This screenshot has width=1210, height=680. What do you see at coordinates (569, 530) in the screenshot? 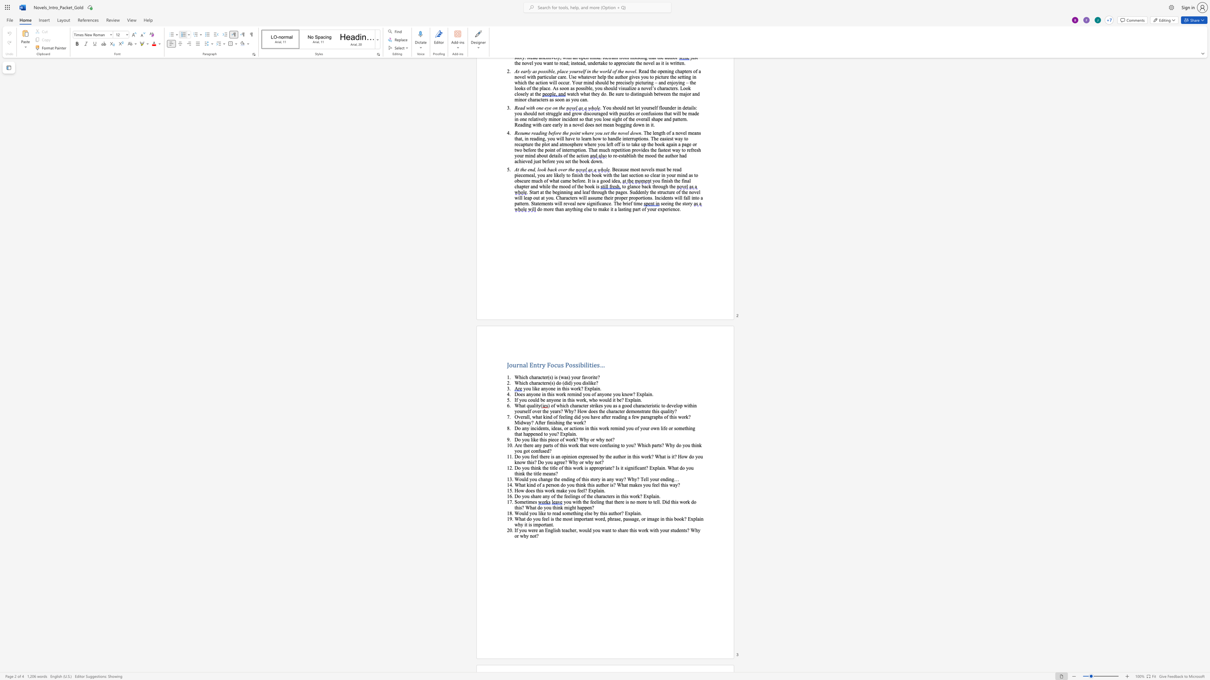
I see `the space between the continuous character "c" and "h" in the text` at bounding box center [569, 530].